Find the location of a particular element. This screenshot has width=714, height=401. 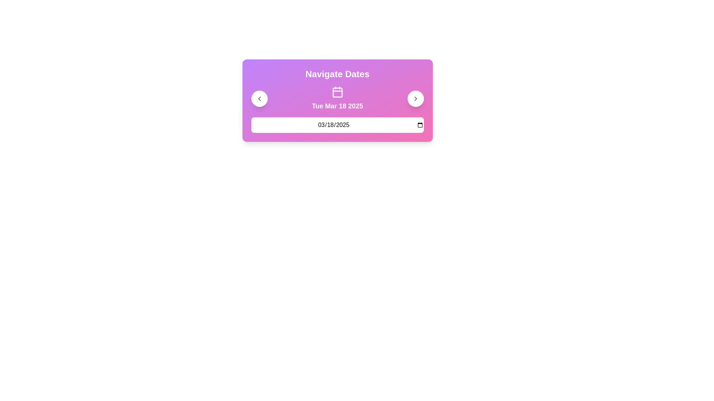

the left-facing chevron arrow icon within the circular button on the far-left side of the 'Navigate Dates' interface is located at coordinates (259, 98).